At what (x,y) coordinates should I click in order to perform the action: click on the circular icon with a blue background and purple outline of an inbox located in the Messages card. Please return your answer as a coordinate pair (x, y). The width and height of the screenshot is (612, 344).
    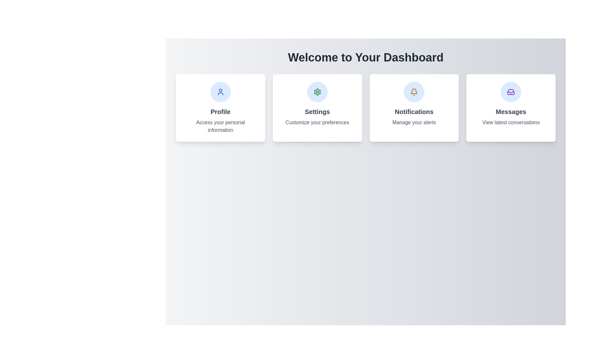
    Looking at the image, I should click on (511, 92).